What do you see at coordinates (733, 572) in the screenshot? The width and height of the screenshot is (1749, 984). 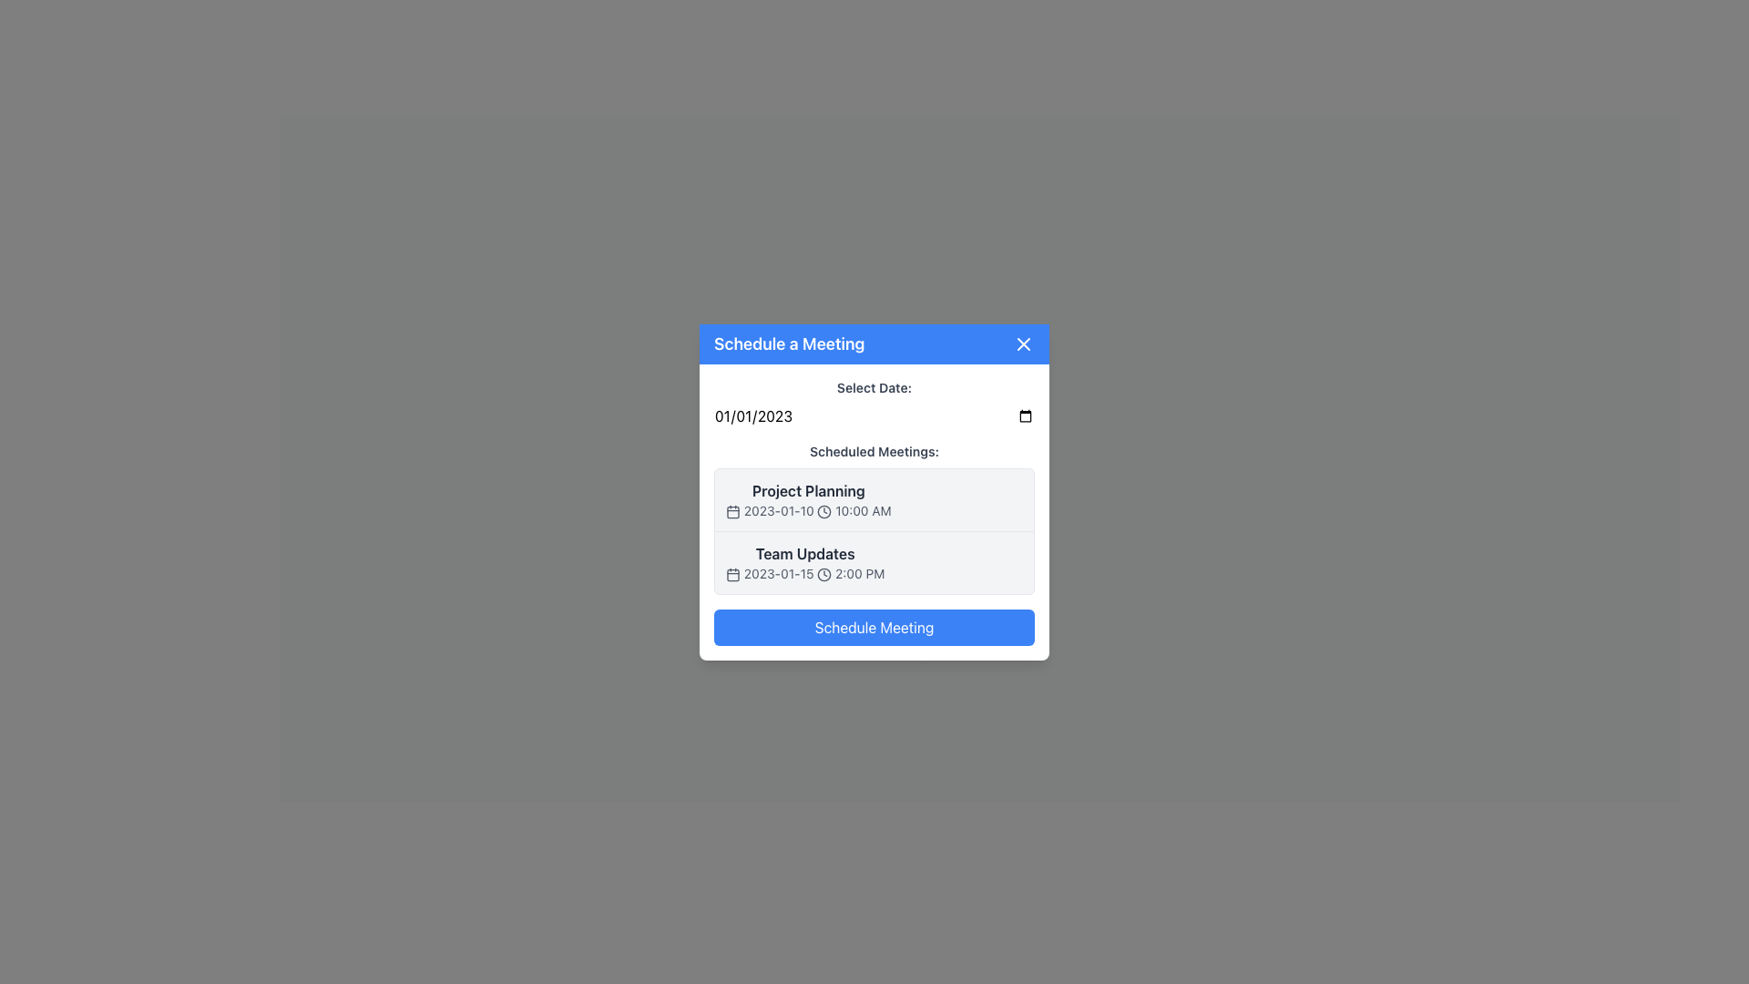 I see `the date icon in the 'Scheduled Meetings' section for 'Team Updates', which is the first icon on the left side of the row` at bounding box center [733, 572].